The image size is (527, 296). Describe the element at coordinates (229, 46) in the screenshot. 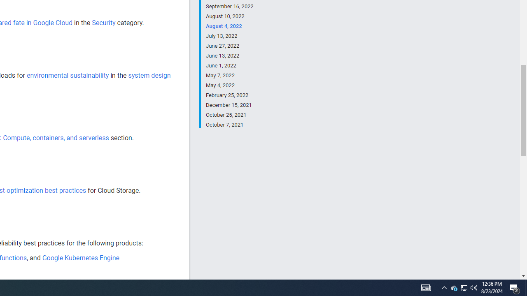

I see `'June 27, 2022'` at that location.